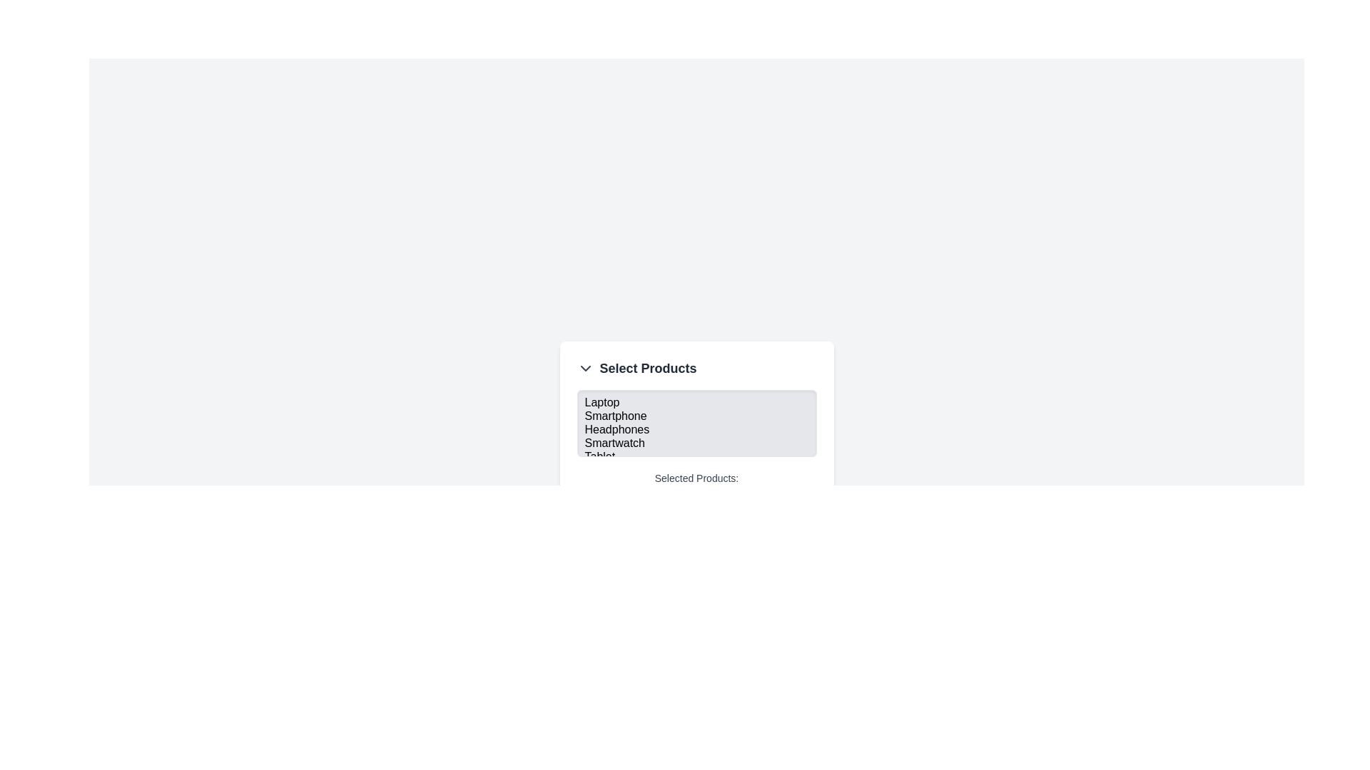 The height and width of the screenshot is (770, 1370). What do you see at coordinates (585, 367) in the screenshot?
I see `the icon located to the left of the text 'Select Products'` at bounding box center [585, 367].